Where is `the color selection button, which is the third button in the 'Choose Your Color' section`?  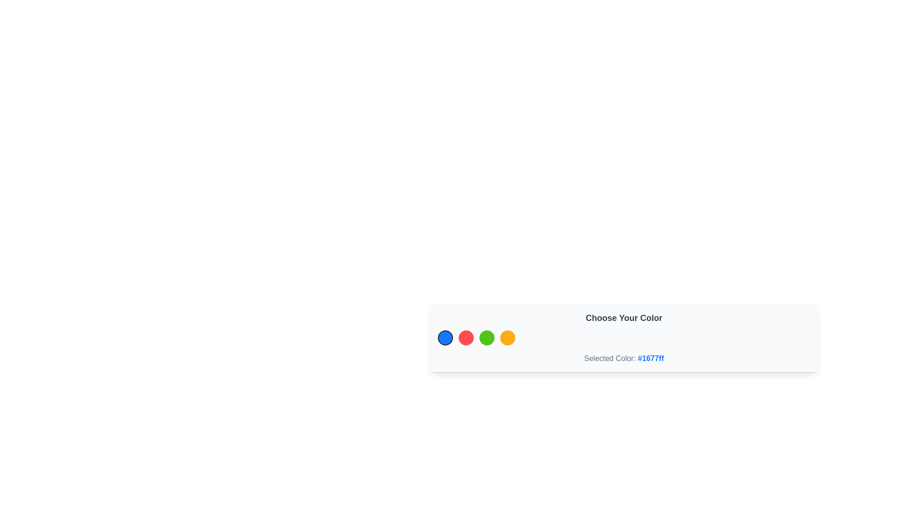
the color selection button, which is the third button in the 'Choose Your Color' section is located at coordinates (487, 337).